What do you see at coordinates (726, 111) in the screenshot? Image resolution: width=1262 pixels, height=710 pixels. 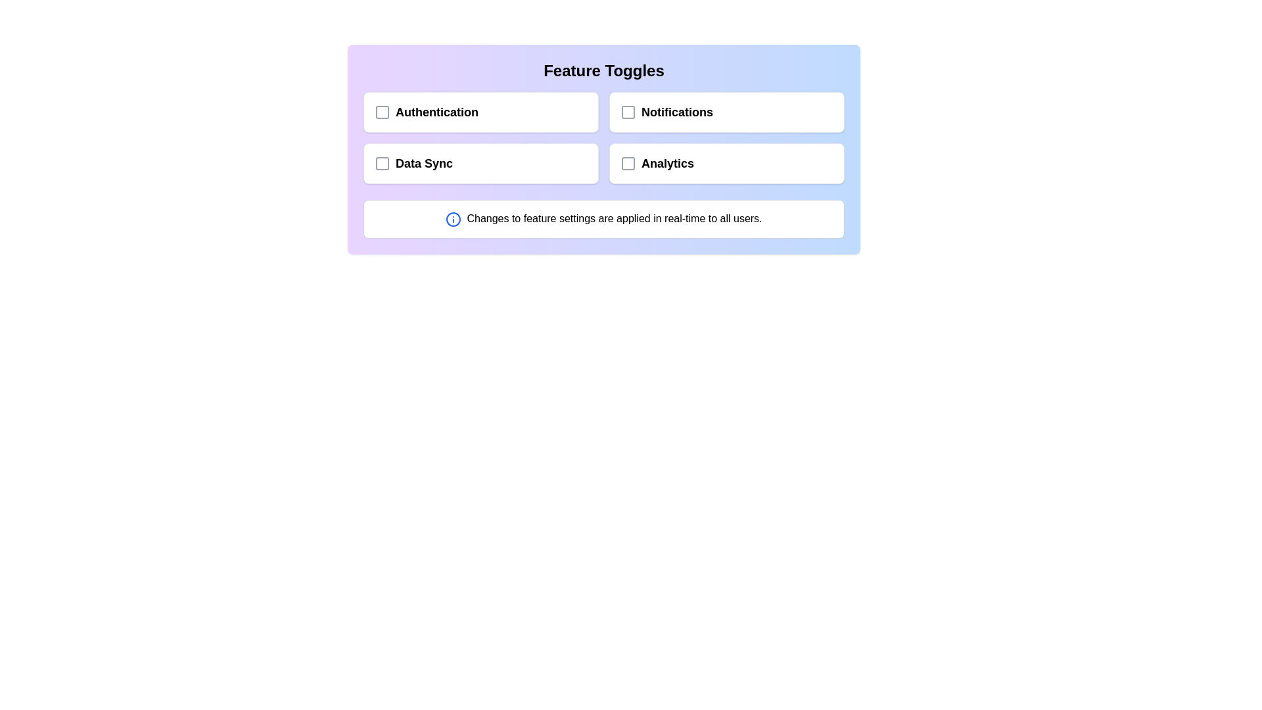 I see `the checkbox labeled 'Notifications' located in the top row, right column of the feature toggle grid, next to 'Authentication' and above 'Analytics'` at bounding box center [726, 111].